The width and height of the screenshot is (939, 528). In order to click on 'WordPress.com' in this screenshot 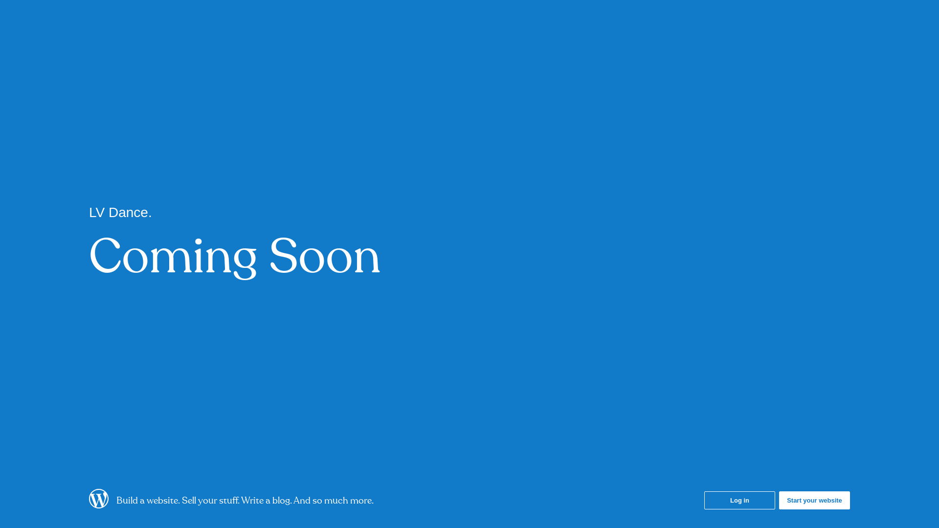, I will do `click(98, 505)`.